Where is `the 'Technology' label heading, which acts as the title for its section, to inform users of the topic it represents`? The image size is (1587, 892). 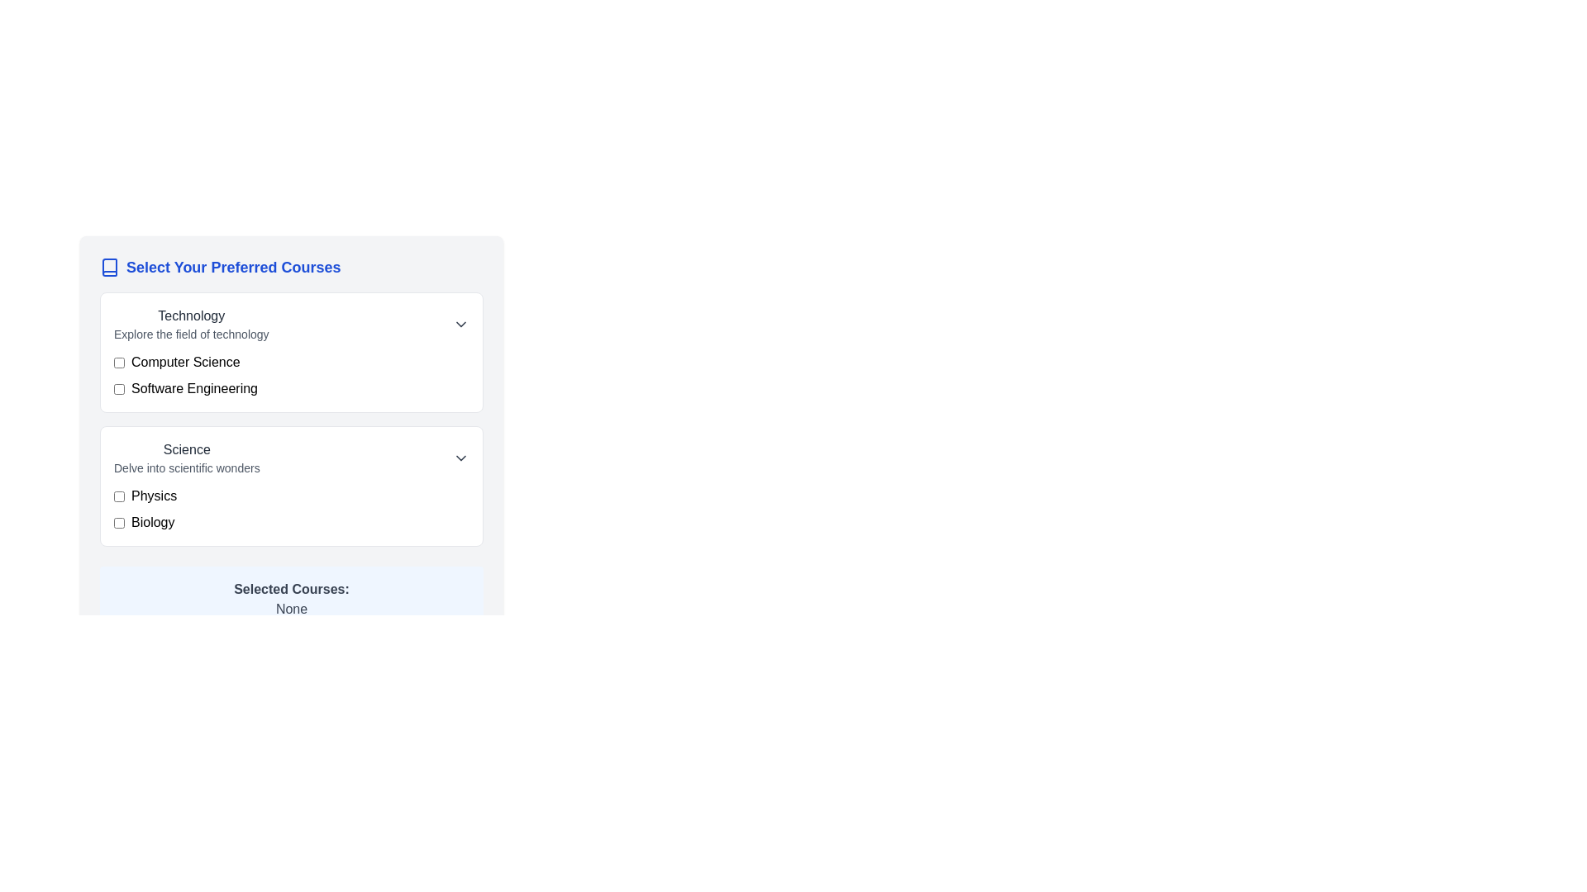 the 'Technology' label heading, which acts as the title for its section, to inform users of the topic it represents is located at coordinates (191, 316).